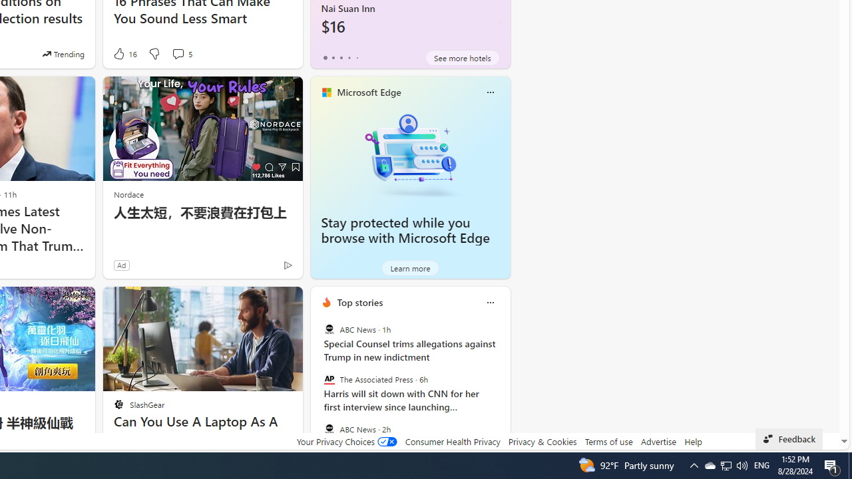 The image size is (852, 479). I want to click on 'View comments 5 Comment', so click(177, 53).